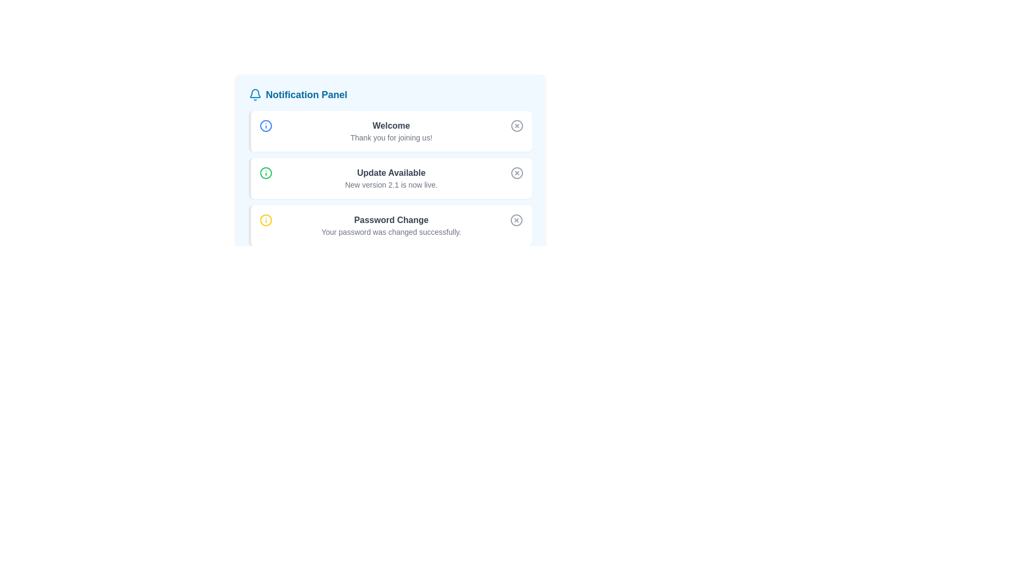 This screenshot has height=579, width=1030. What do you see at coordinates (391, 125) in the screenshot?
I see `the 'Welcome' text element displayed in bold and dark gray font at the top of the notification card` at bounding box center [391, 125].